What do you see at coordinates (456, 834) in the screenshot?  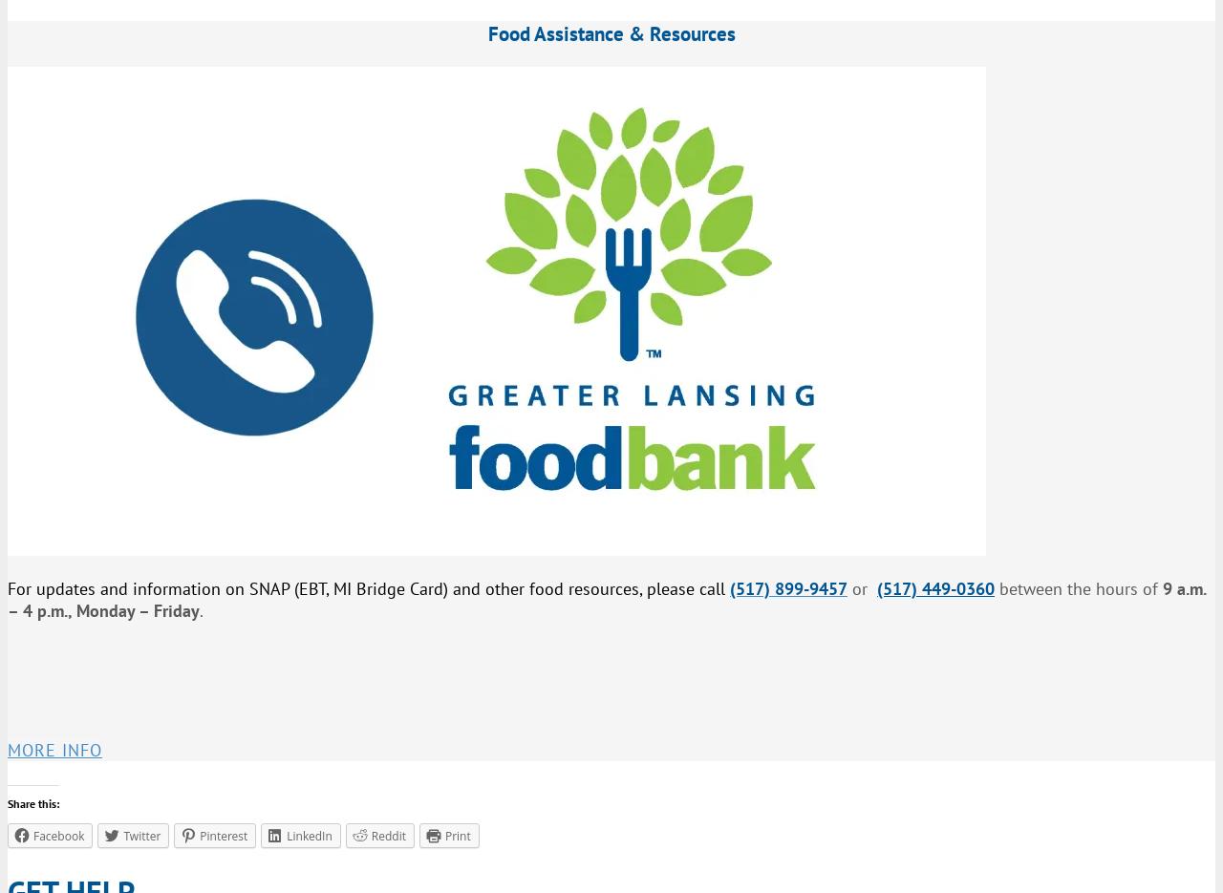 I see `'Print'` at bounding box center [456, 834].